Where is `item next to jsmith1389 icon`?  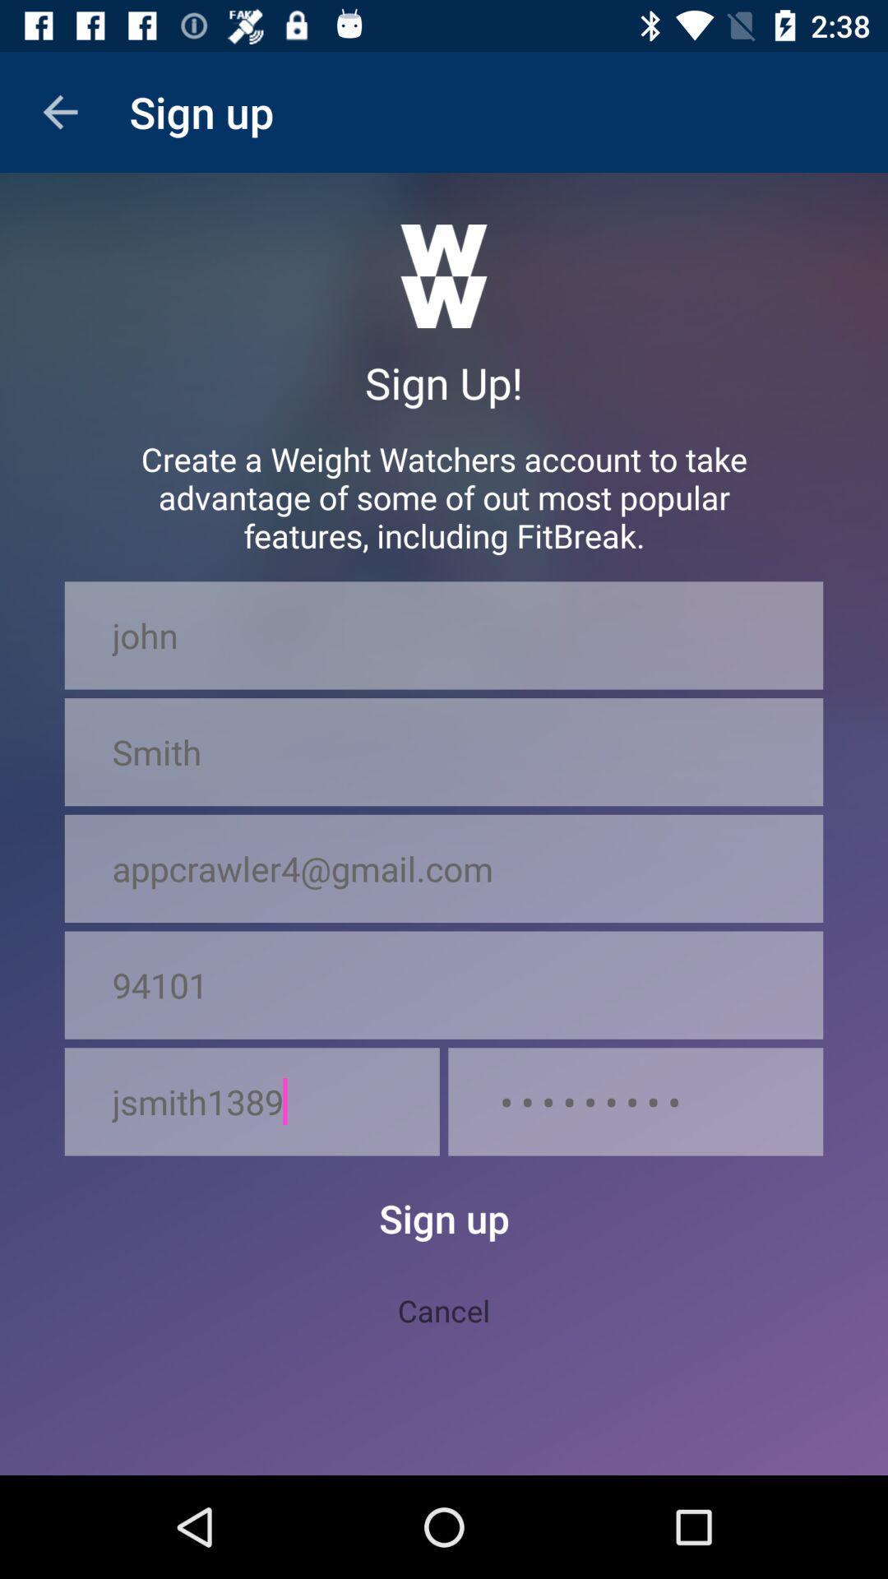
item next to jsmith1389 icon is located at coordinates (635, 1101).